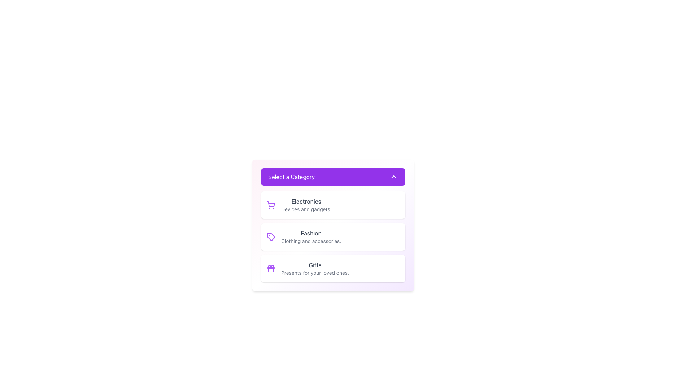  Describe the element at coordinates (306, 205) in the screenshot. I see `'Electronics' category label and subtitle component, which describes items related to electronic devices and gadgets` at that location.